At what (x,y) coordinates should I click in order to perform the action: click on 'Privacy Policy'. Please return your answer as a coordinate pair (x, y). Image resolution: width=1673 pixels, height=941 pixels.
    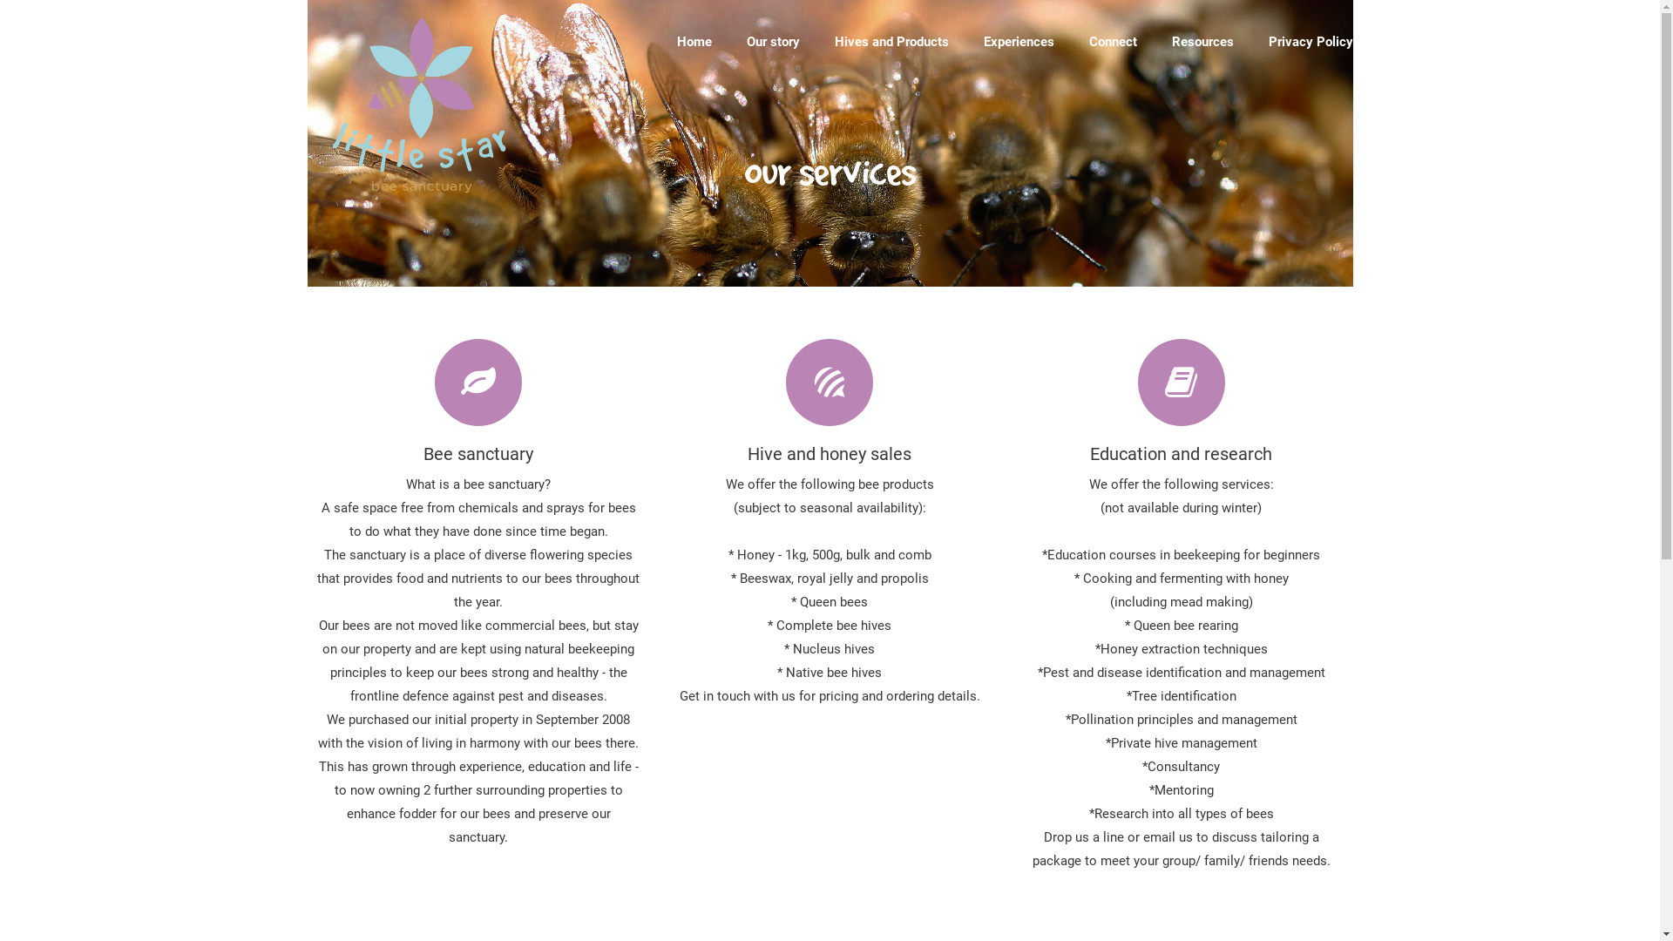
    Looking at the image, I should click on (1311, 41).